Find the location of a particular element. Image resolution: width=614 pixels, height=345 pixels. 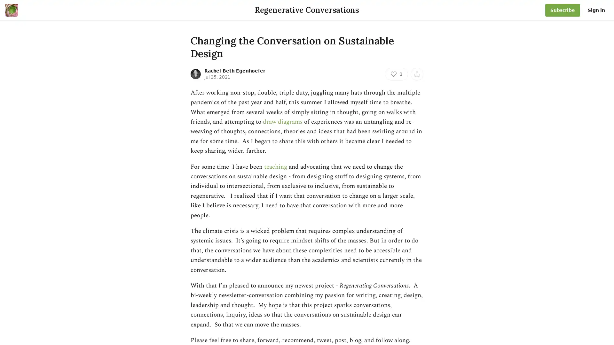

Sign in is located at coordinates (596, 10).